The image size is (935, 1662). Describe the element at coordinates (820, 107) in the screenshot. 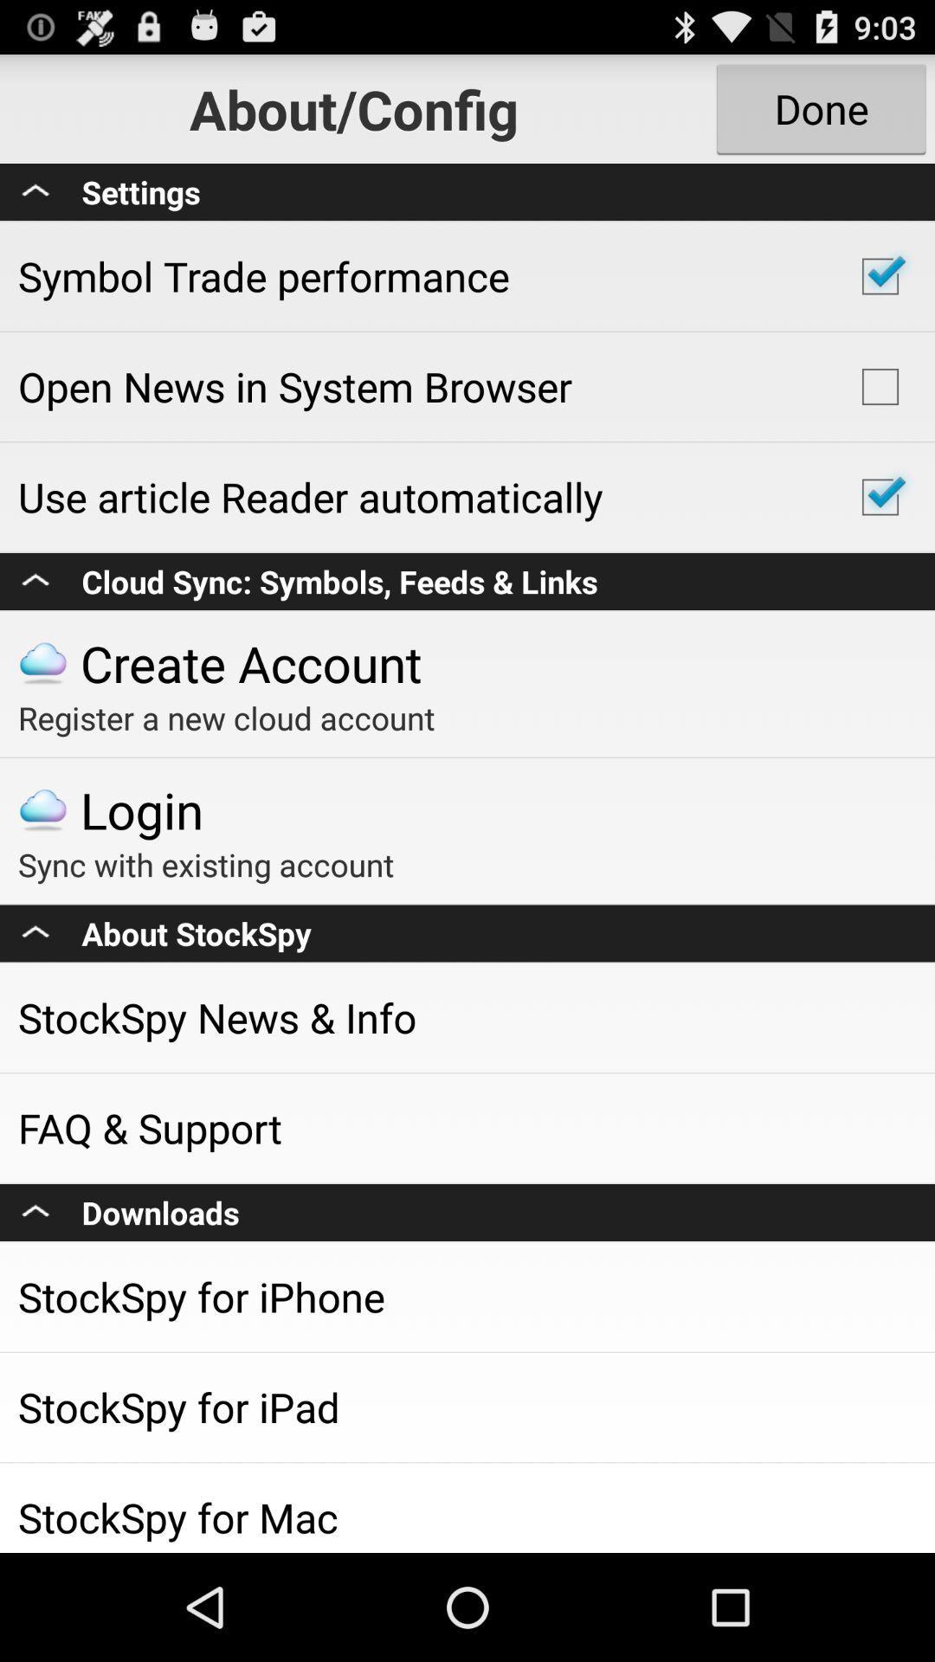

I see `the done at the top right corner` at that location.